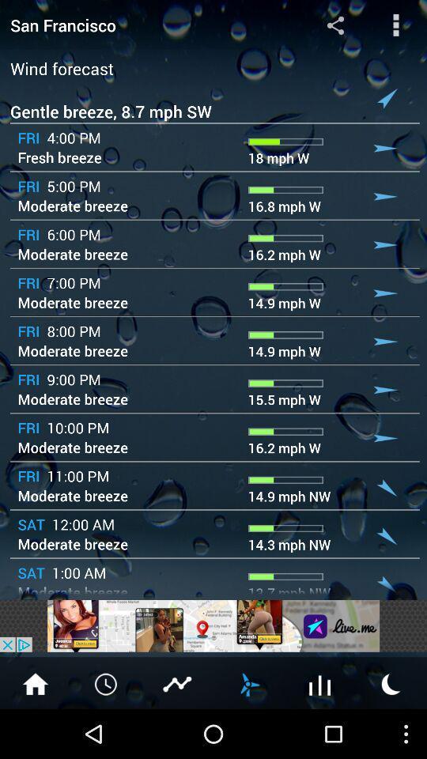 The width and height of the screenshot is (427, 759). I want to click on the more icon, so click(395, 26).